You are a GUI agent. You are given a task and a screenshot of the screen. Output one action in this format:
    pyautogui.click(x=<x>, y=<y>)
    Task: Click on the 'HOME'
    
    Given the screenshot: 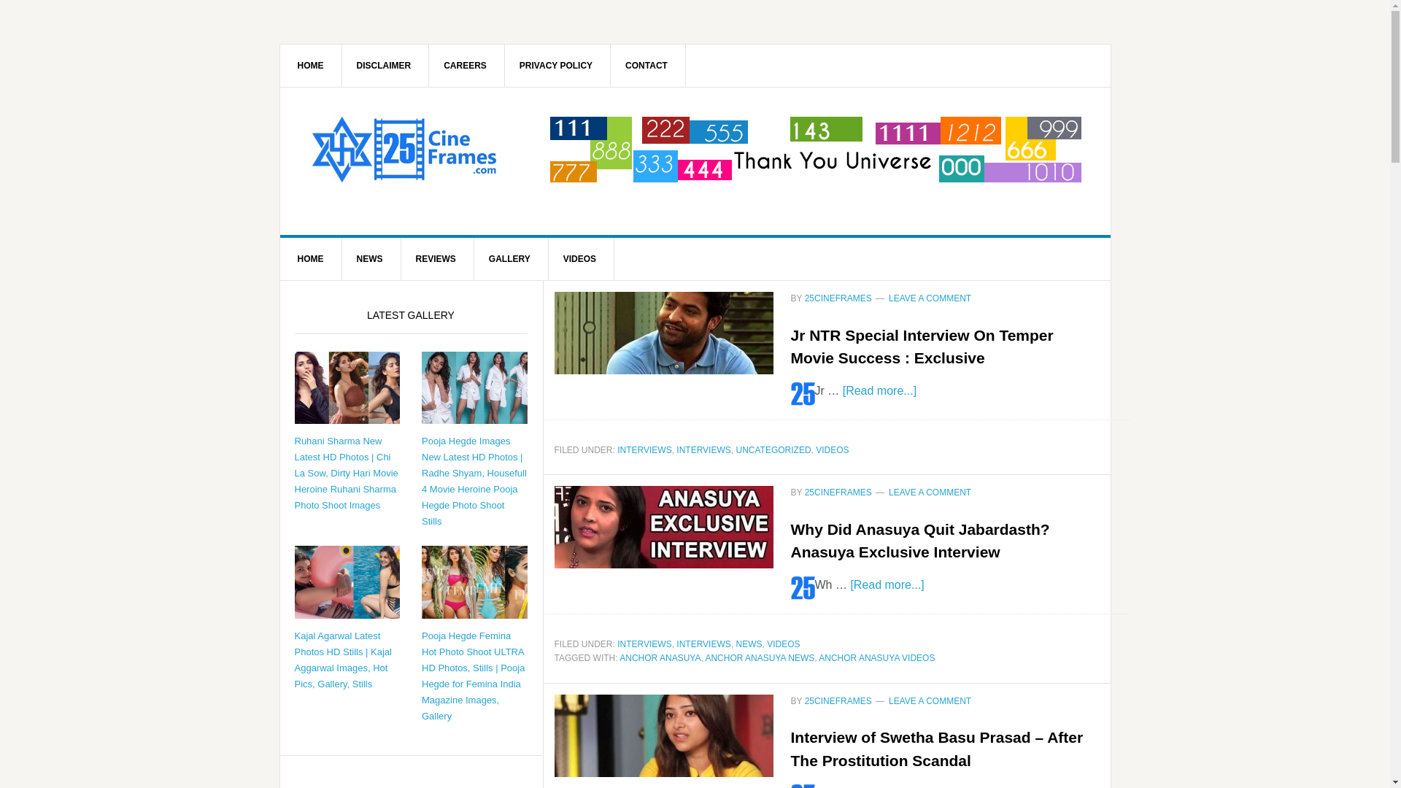 What is the action you would take?
    pyautogui.click(x=310, y=258)
    